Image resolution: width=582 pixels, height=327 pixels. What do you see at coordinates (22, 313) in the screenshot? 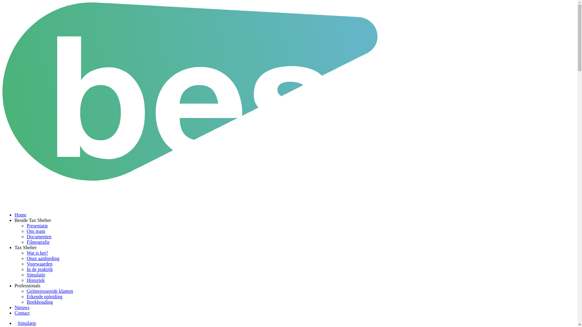
I see `'Contact'` at bounding box center [22, 313].